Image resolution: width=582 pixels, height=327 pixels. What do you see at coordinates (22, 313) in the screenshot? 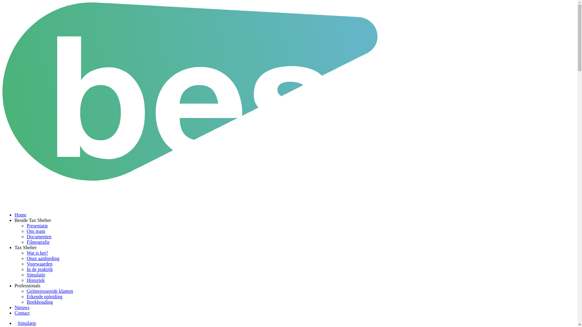
I see `'Contact'` at bounding box center [22, 313].